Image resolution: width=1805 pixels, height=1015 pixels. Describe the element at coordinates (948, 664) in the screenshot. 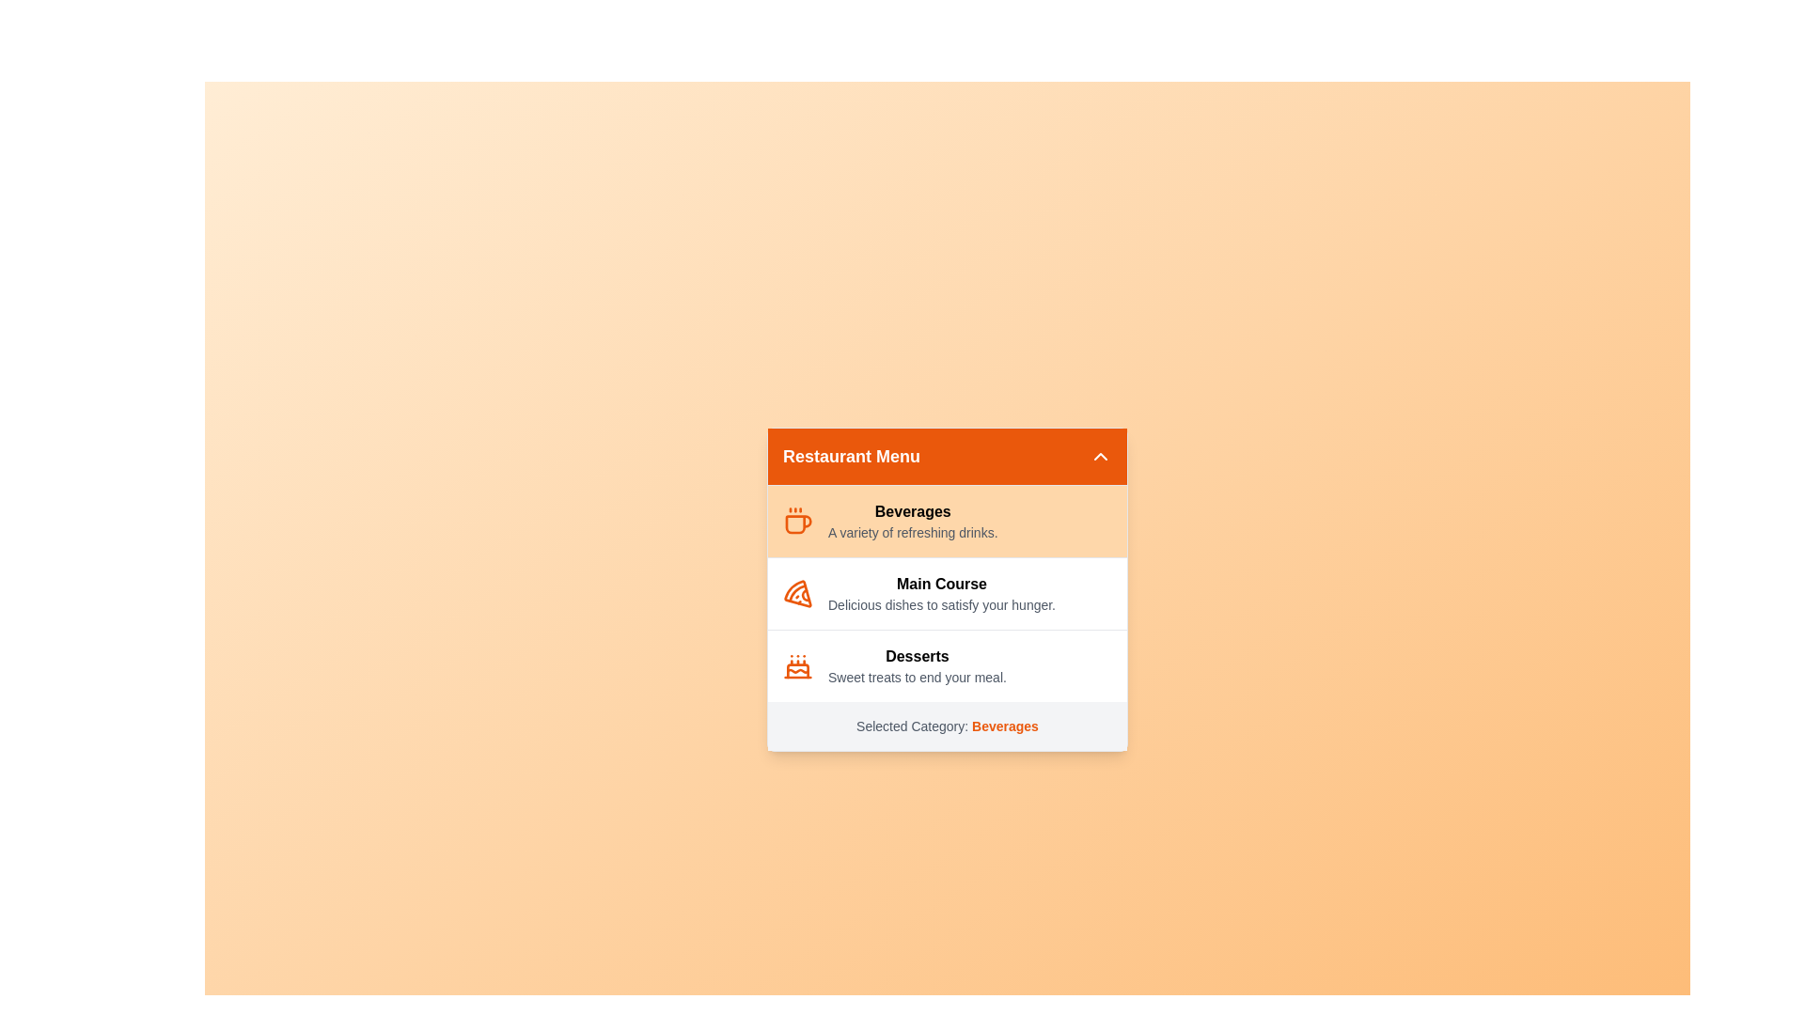

I see `the category Desserts from the list` at that location.